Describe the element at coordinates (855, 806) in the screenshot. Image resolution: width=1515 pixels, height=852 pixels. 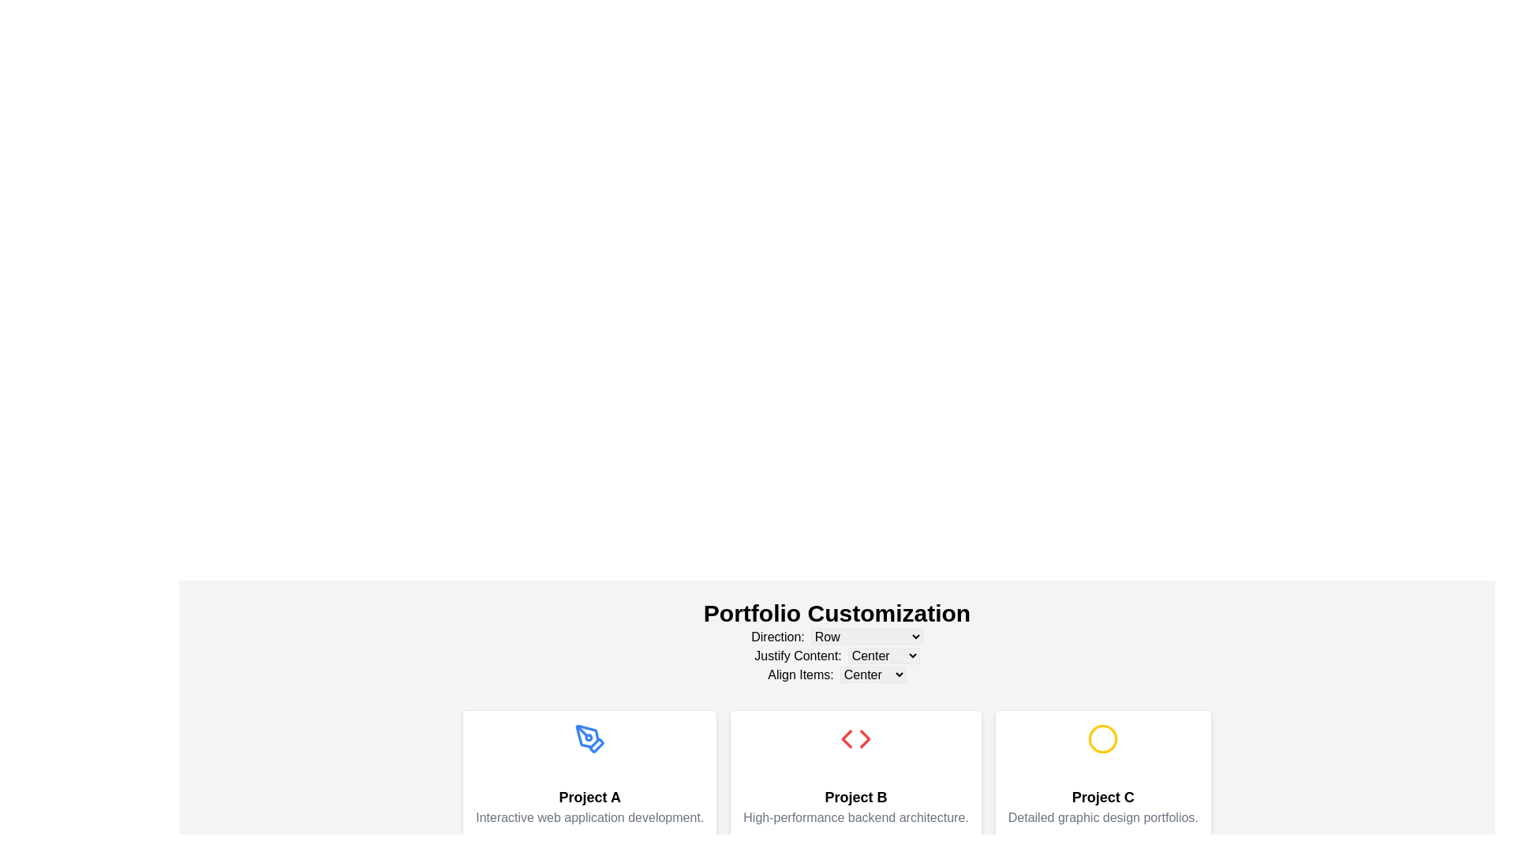
I see `the text block containing the bold title 'Project B' and the description 'High-performance backend architecture.'` at that location.